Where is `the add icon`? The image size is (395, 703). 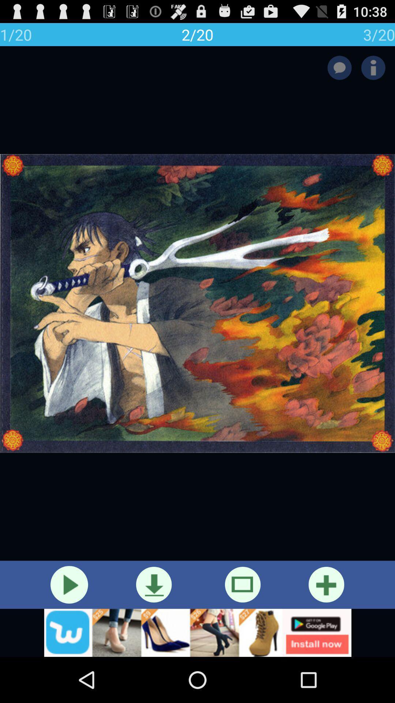
the add icon is located at coordinates (326, 625).